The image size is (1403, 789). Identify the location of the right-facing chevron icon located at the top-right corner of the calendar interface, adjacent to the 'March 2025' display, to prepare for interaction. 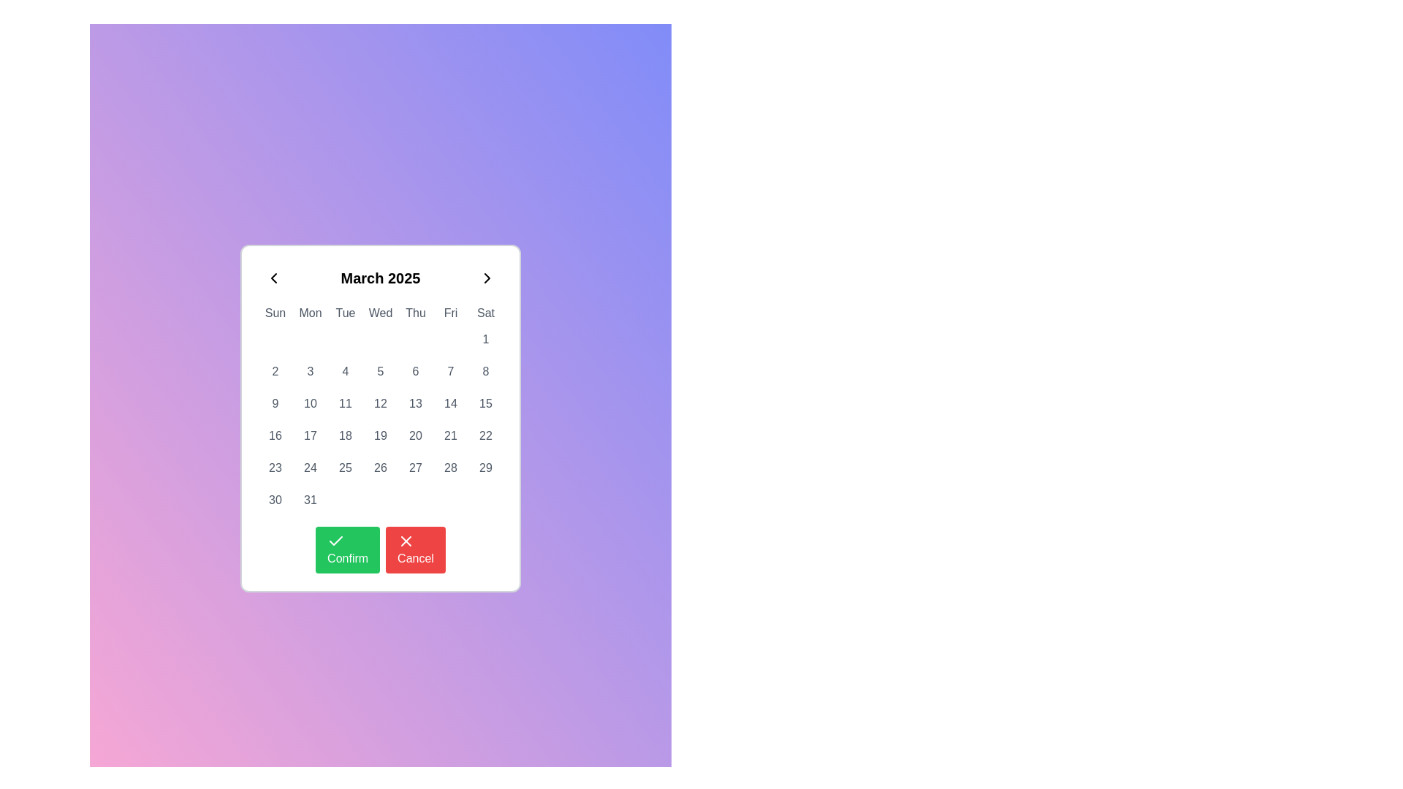
(487, 278).